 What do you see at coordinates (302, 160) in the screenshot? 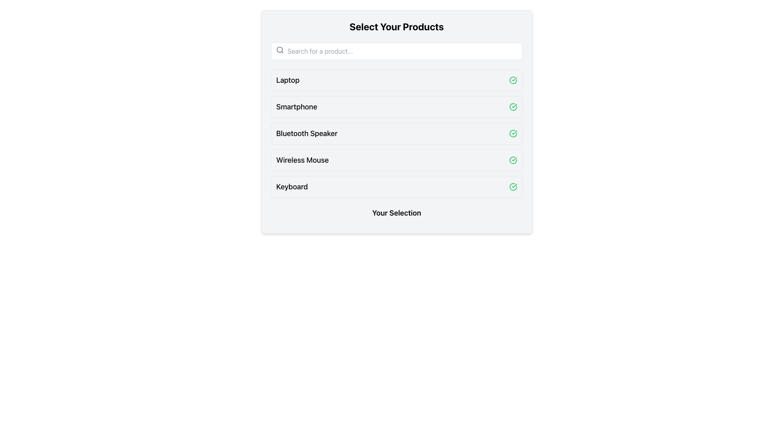
I see `the text label reading 'Wireless Mouse'` at bounding box center [302, 160].